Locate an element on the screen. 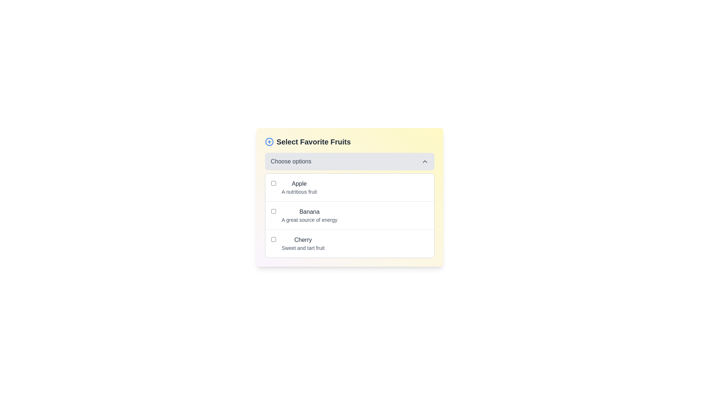 This screenshot has height=394, width=701. the descriptive text label located under the bold 'Cherry' label in the third row of the dropdown section is located at coordinates (303, 247).